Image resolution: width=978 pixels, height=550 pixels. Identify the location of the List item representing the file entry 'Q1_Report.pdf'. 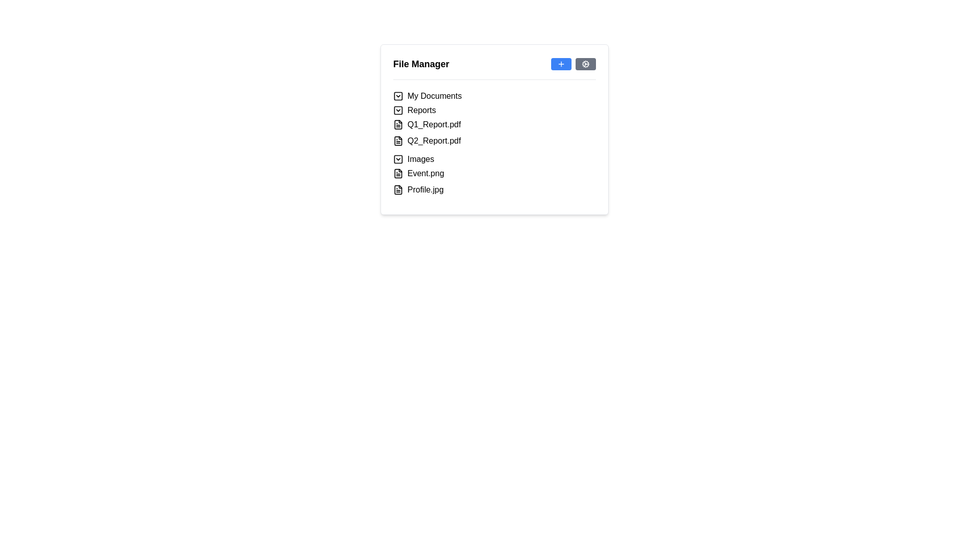
(494, 124).